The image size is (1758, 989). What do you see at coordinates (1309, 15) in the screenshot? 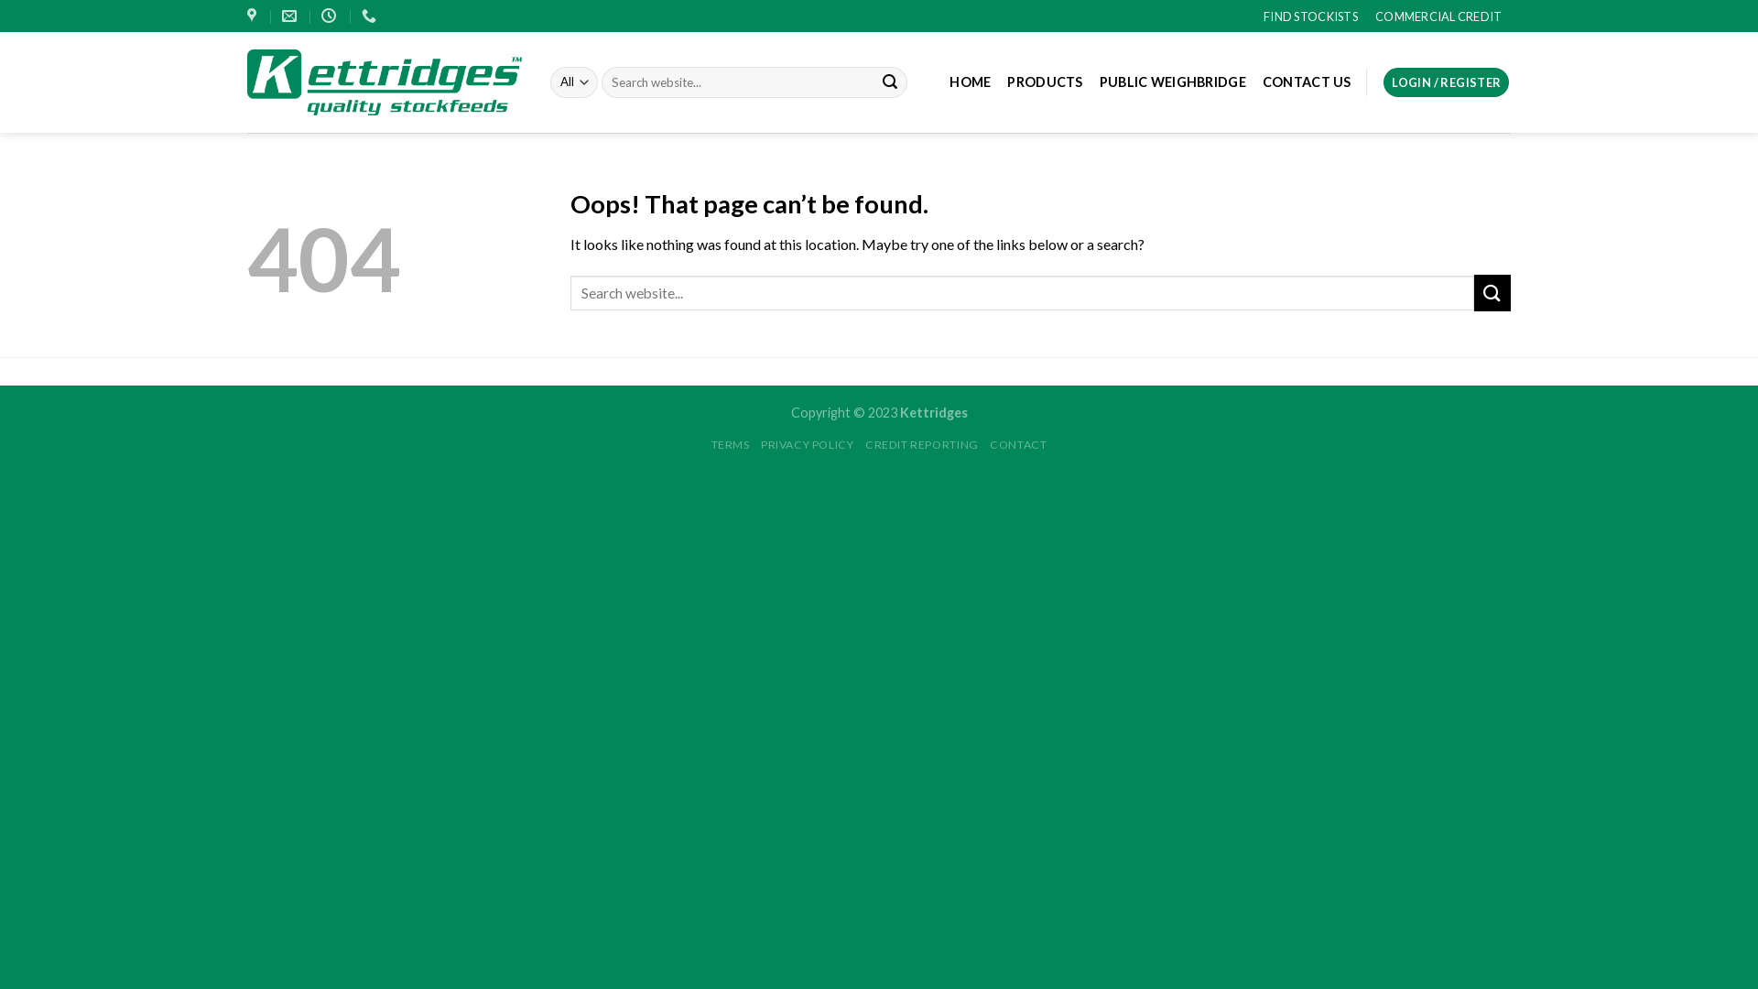
I see `'FIND STOCKISTS'` at bounding box center [1309, 15].